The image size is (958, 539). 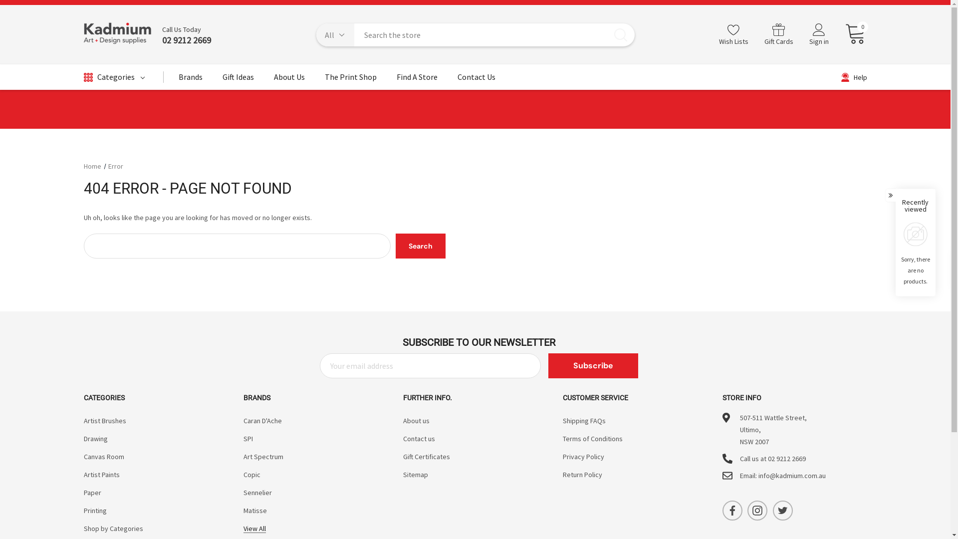 I want to click on 'Contact us', so click(x=419, y=438).